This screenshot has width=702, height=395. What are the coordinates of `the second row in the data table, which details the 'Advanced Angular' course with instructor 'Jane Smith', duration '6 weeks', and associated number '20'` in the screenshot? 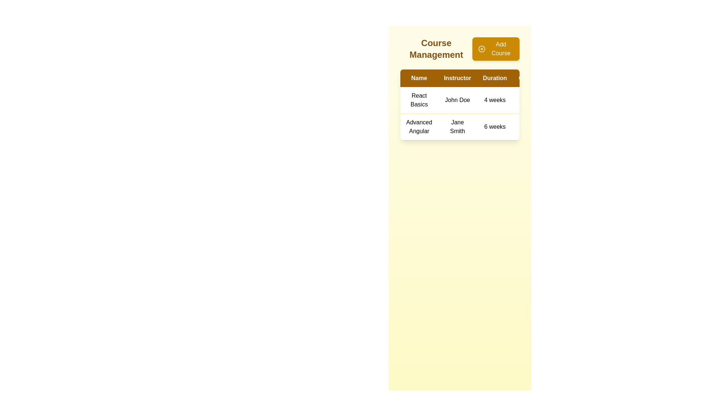 It's located at (491, 126).